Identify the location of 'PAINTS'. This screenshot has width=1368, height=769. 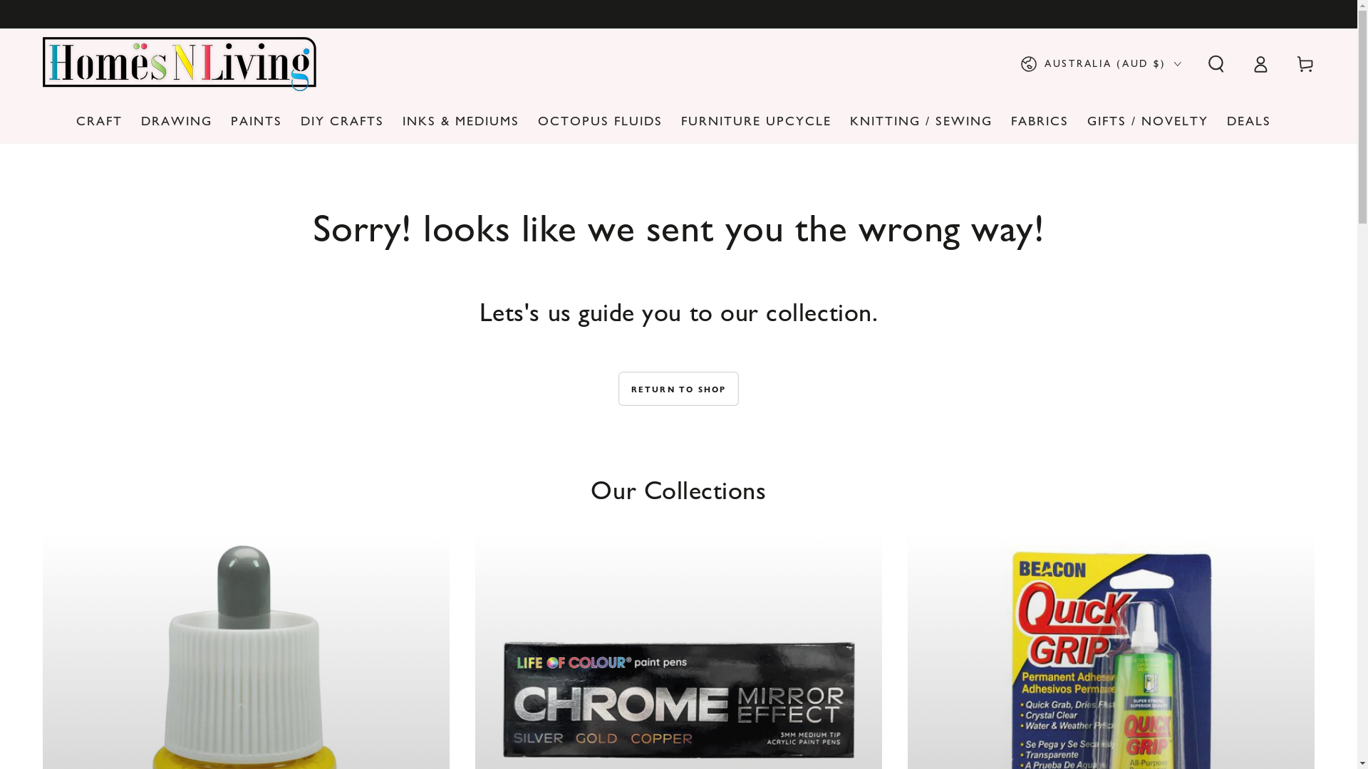
(228, 120).